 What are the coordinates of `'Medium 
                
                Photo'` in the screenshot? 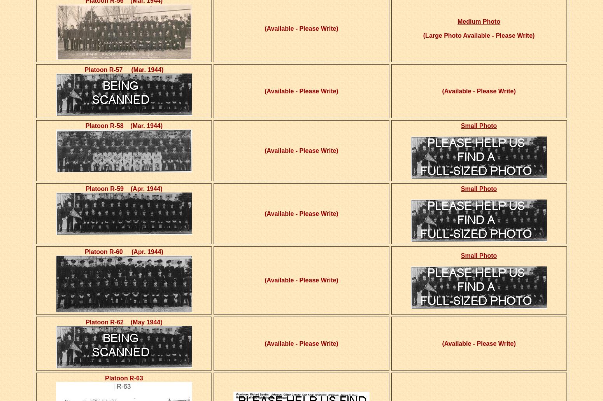 It's located at (479, 21).